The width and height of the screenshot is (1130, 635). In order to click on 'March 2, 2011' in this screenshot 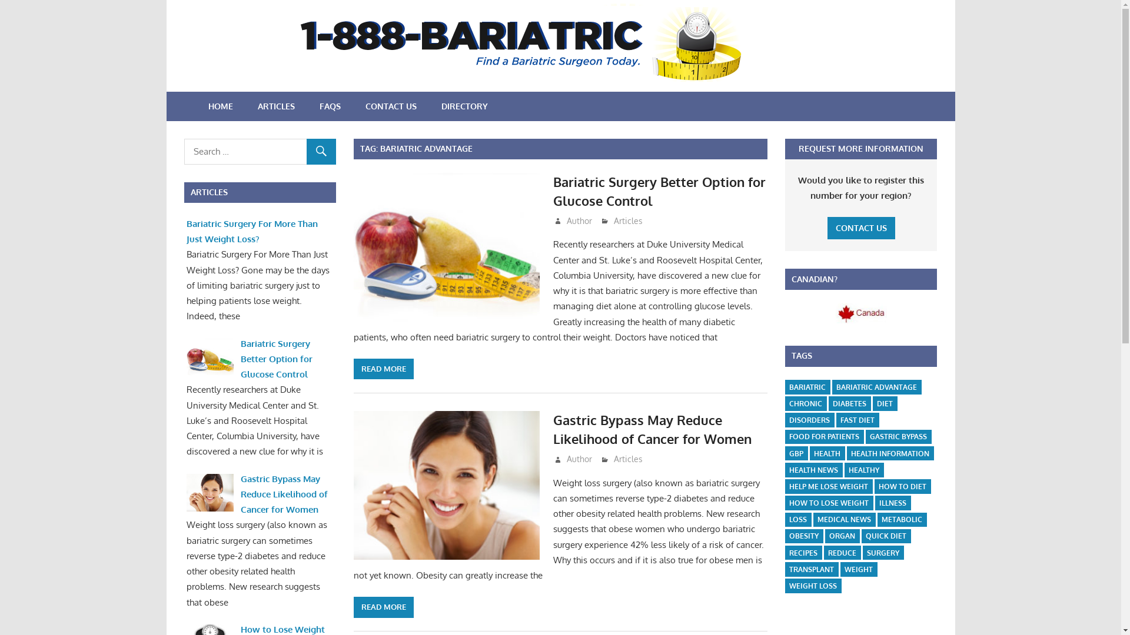, I will do `click(589, 458)`.